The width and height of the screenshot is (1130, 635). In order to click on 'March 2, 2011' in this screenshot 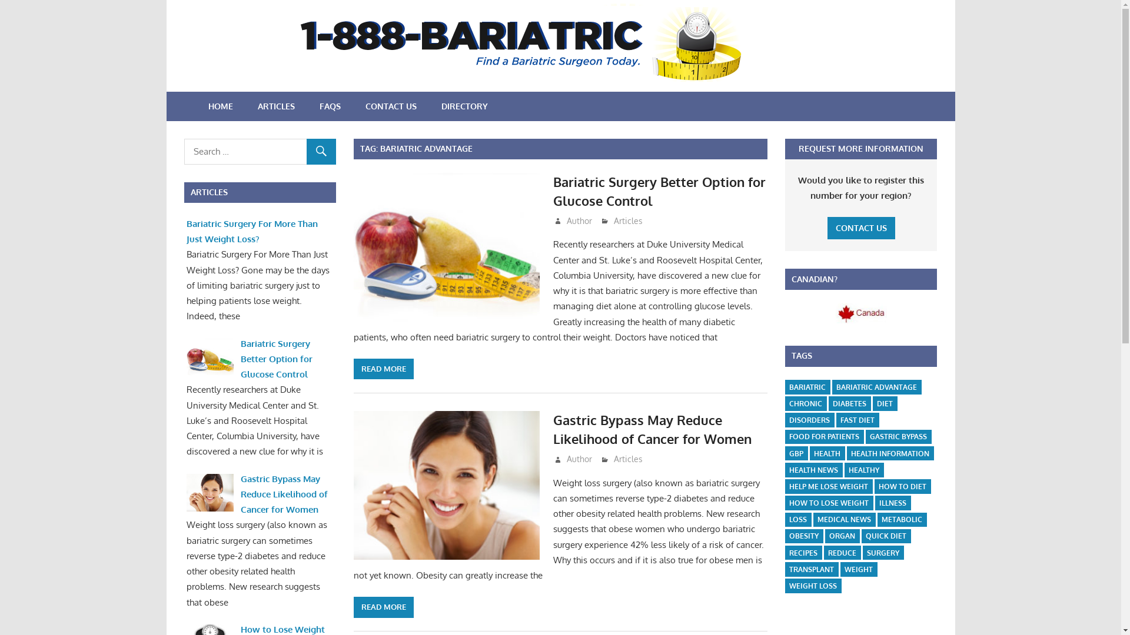, I will do `click(589, 458)`.